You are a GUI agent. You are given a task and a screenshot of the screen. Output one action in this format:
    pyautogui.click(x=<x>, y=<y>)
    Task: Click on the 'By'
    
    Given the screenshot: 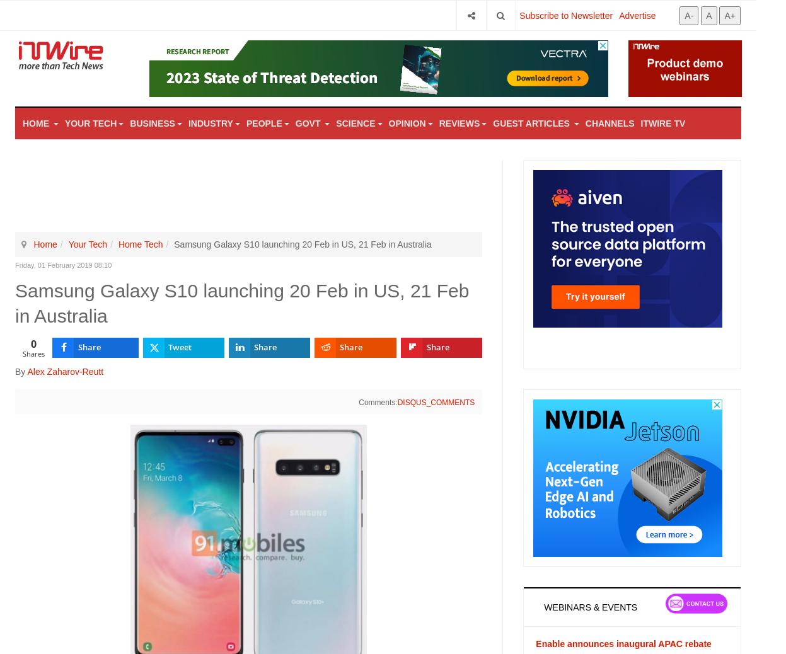 What is the action you would take?
    pyautogui.click(x=21, y=370)
    